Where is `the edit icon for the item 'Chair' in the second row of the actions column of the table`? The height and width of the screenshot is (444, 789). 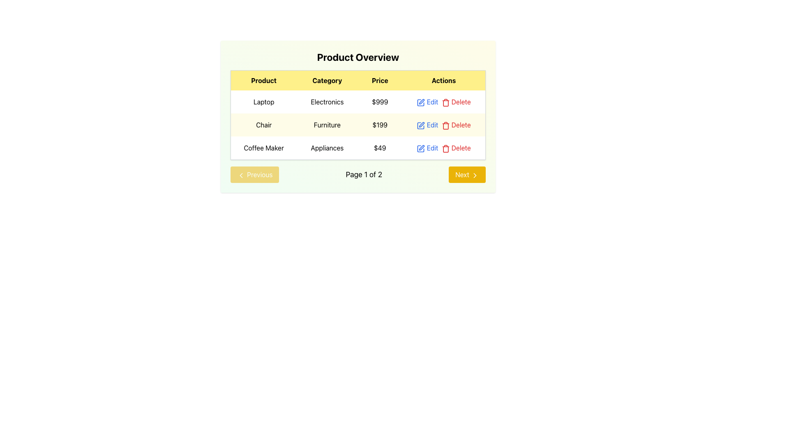
the edit icon for the item 'Chair' in the second row of the actions column of the table is located at coordinates (422, 125).